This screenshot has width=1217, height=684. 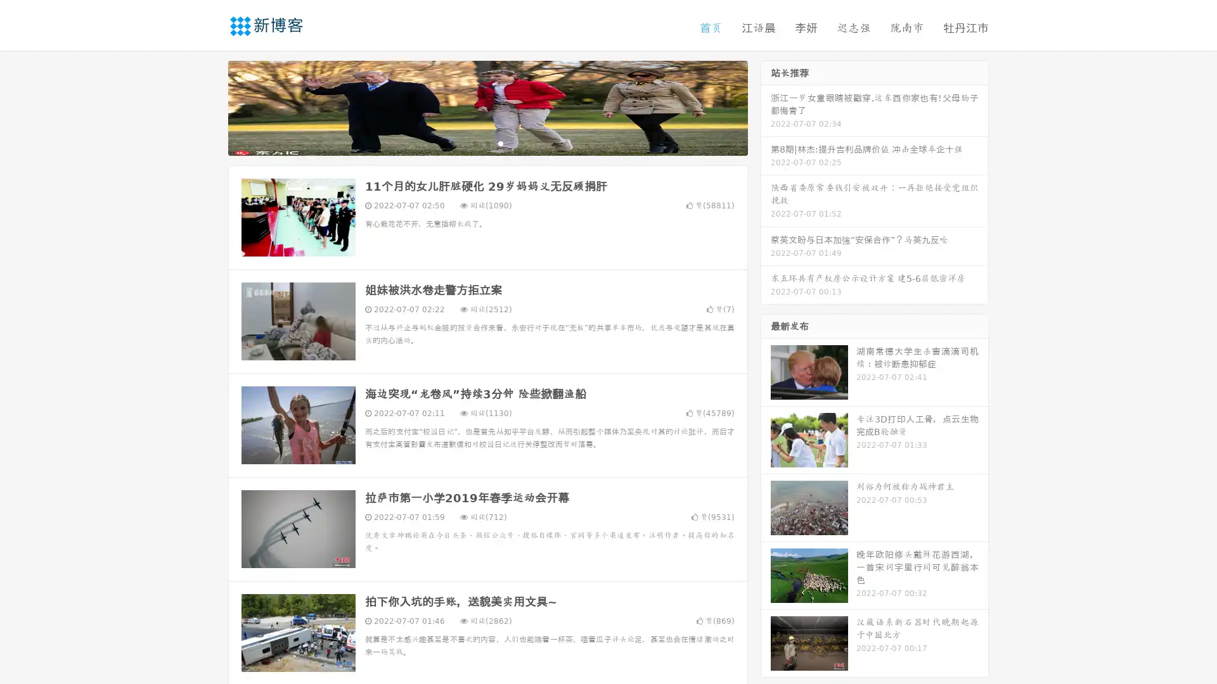 What do you see at coordinates (487, 142) in the screenshot?
I see `Go to slide 2` at bounding box center [487, 142].